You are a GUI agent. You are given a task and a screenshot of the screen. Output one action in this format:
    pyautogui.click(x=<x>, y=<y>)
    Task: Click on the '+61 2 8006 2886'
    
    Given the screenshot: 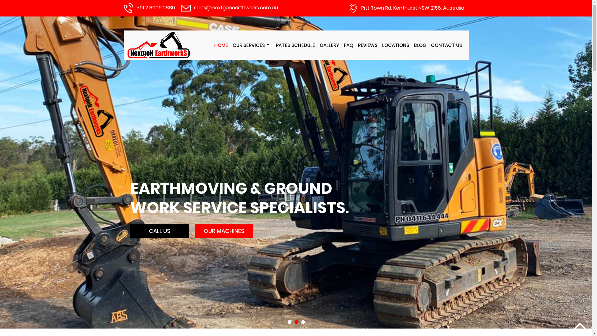 What is the action you would take?
    pyautogui.click(x=155, y=7)
    